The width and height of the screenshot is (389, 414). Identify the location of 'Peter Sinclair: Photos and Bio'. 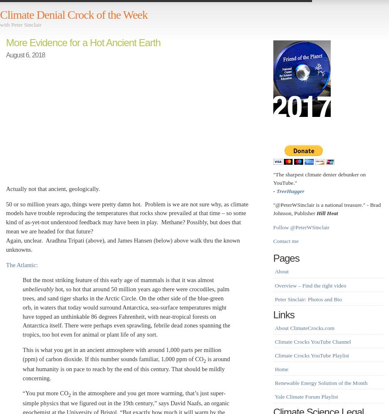
(275, 299).